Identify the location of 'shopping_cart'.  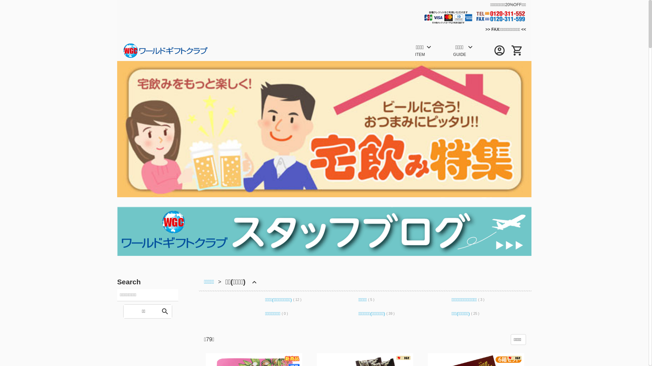
(517, 49).